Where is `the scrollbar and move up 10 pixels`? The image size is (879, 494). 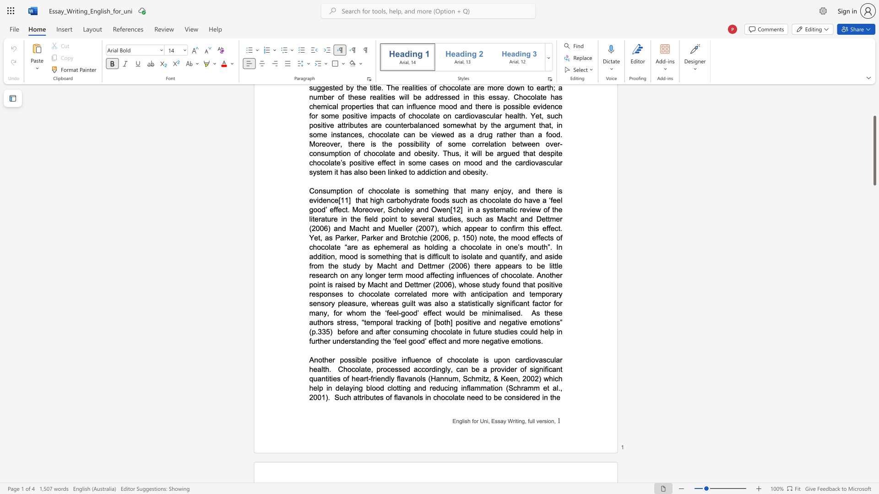
the scrollbar and move up 10 pixels is located at coordinates (874, 150).